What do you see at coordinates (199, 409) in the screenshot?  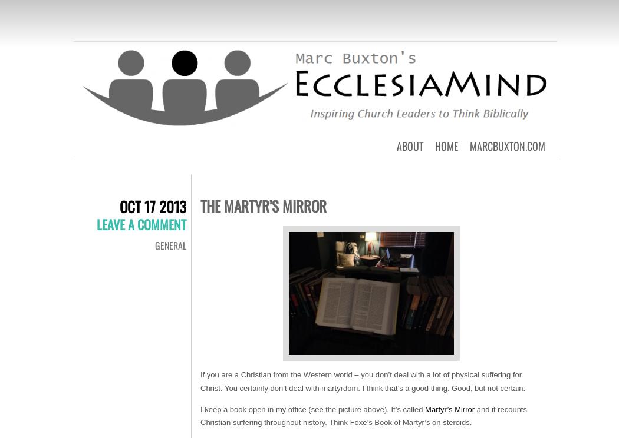 I see `'I keep a book open in my office (see the picture above). It’s called'` at bounding box center [199, 409].